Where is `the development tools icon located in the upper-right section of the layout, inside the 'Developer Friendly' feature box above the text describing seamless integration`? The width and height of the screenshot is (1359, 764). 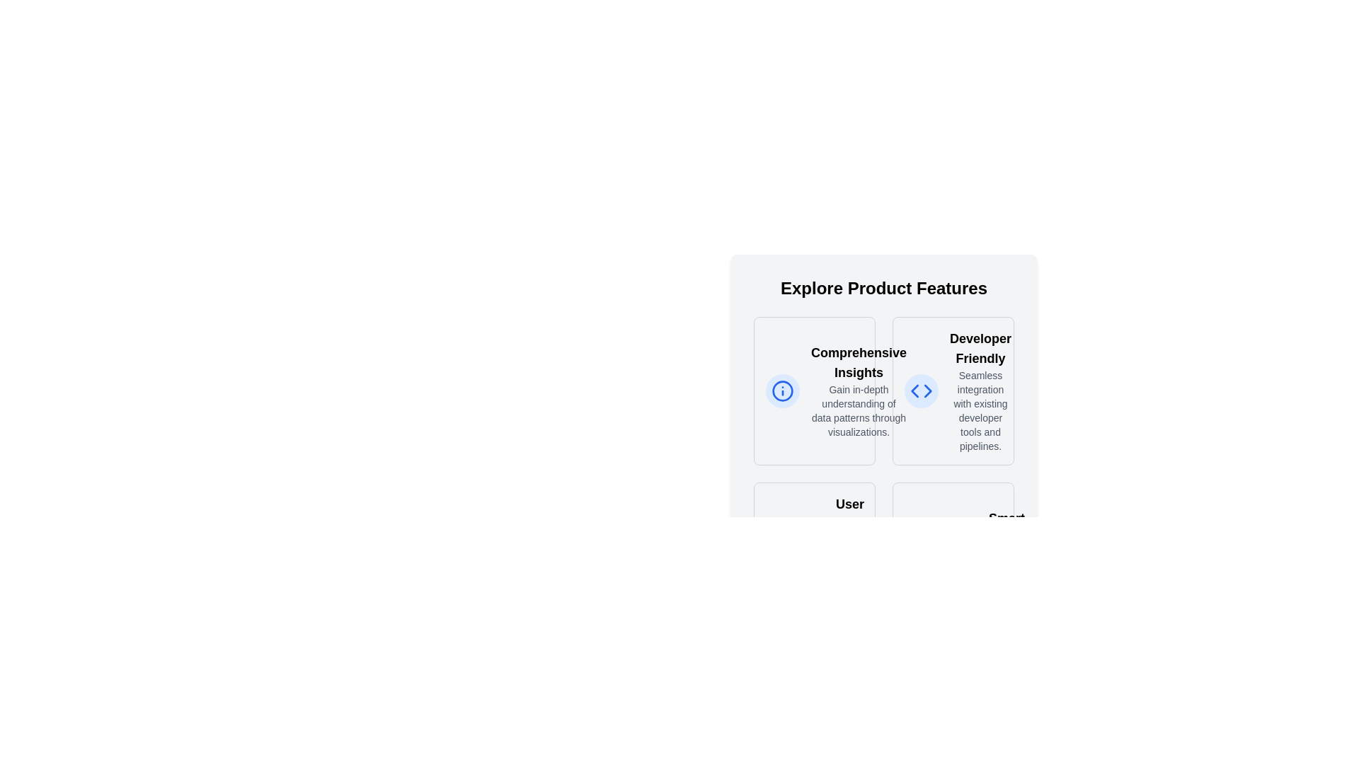 the development tools icon located in the upper-right section of the layout, inside the 'Developer Friendly' feature box above the text describing seamless integration is located at coordinates (921, 390).